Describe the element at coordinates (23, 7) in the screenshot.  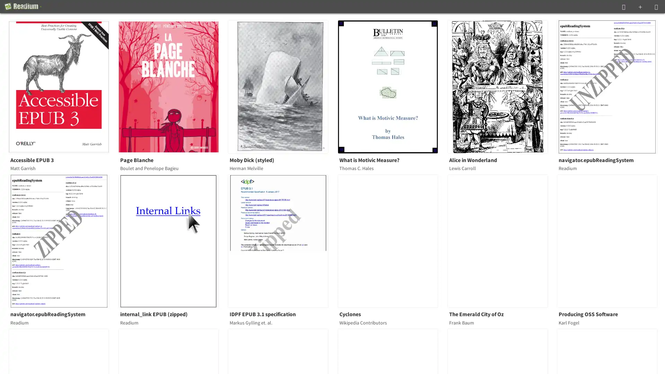
I see `About` at that location.